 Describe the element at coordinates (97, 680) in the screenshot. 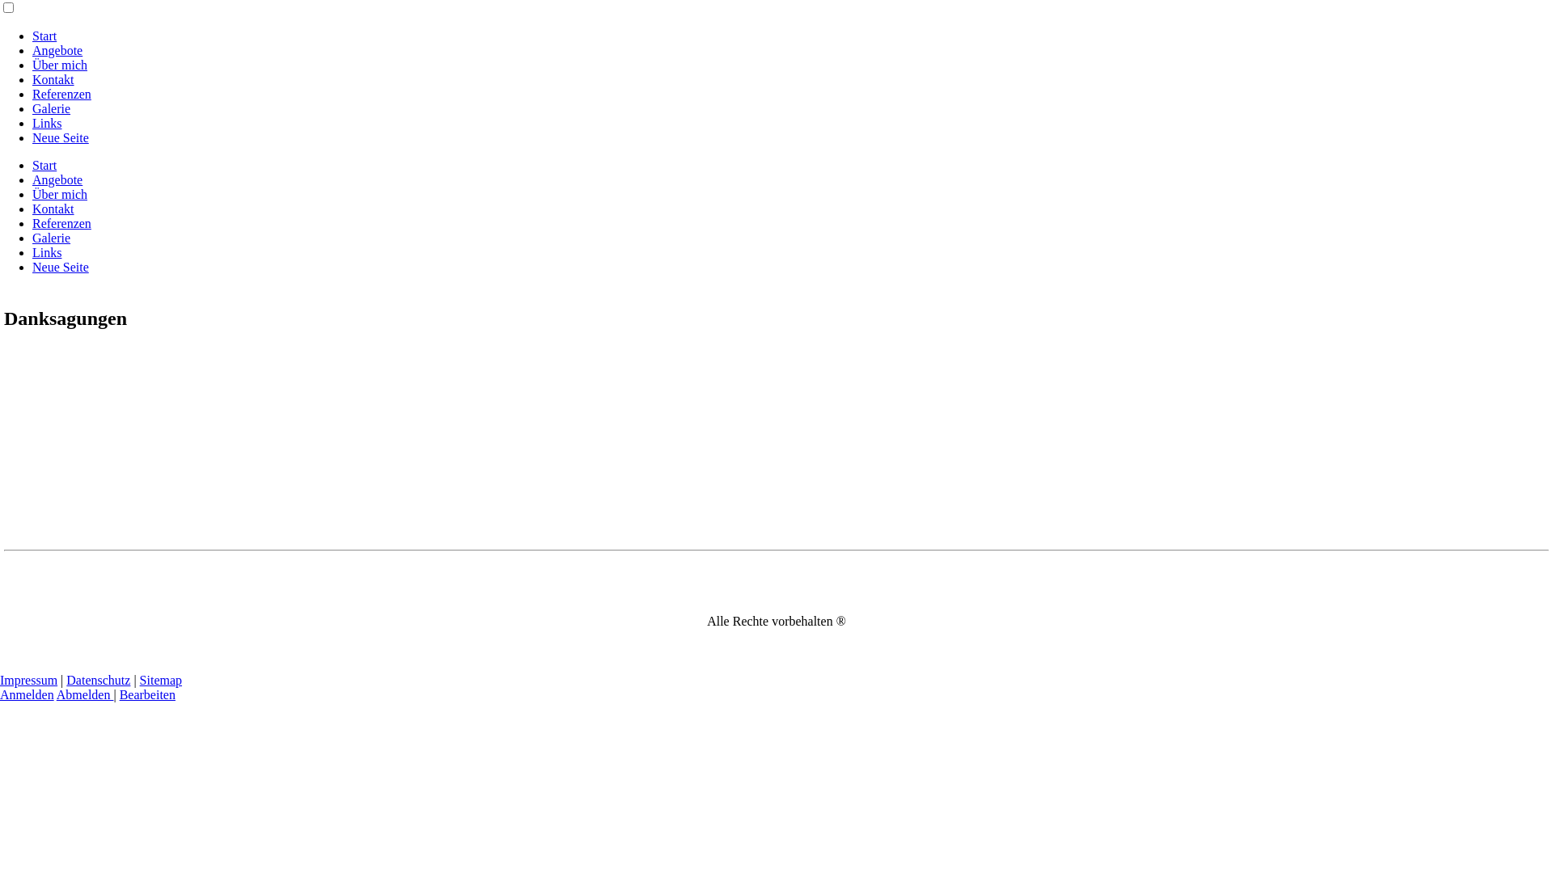

I see `'Datenschutz'` at that location.